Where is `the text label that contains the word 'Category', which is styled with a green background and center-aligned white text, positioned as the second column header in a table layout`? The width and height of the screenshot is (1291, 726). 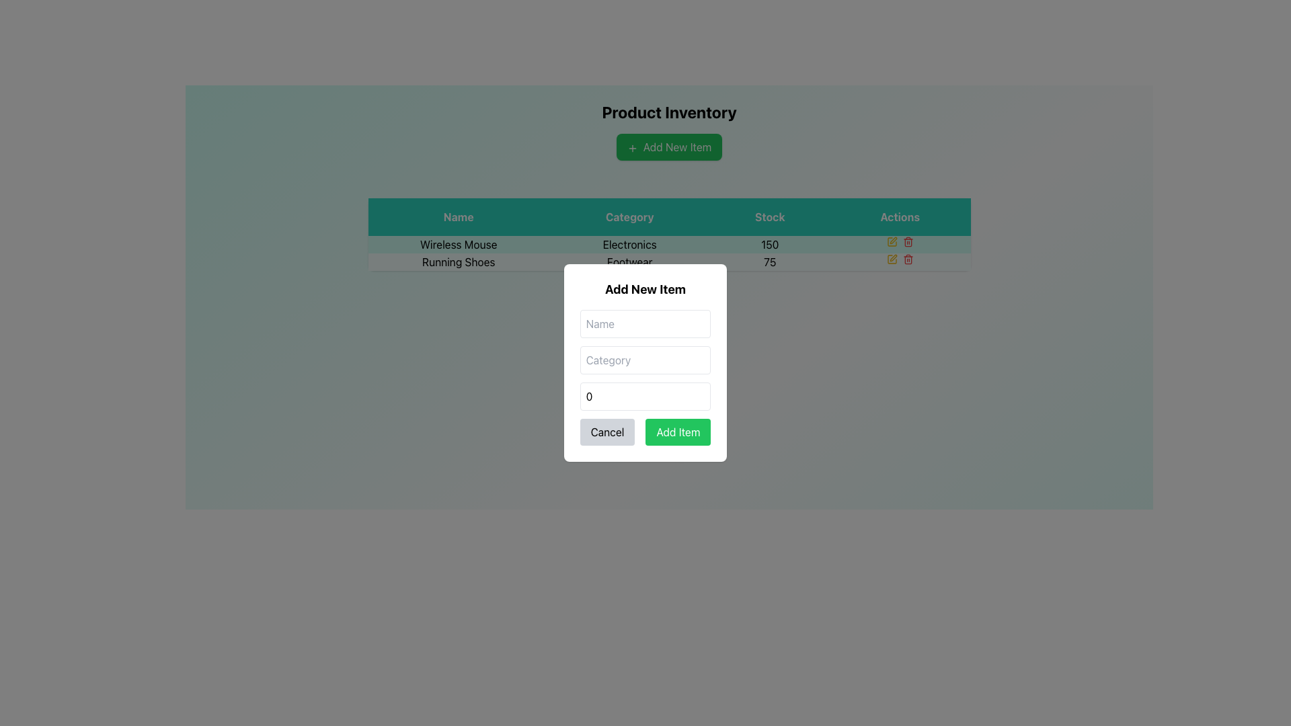
the text label that contains the word 'Category', which is styled with a green background and center-aligned white text, positioned as the second column header in a table layout is located at coordinates (629, 216).